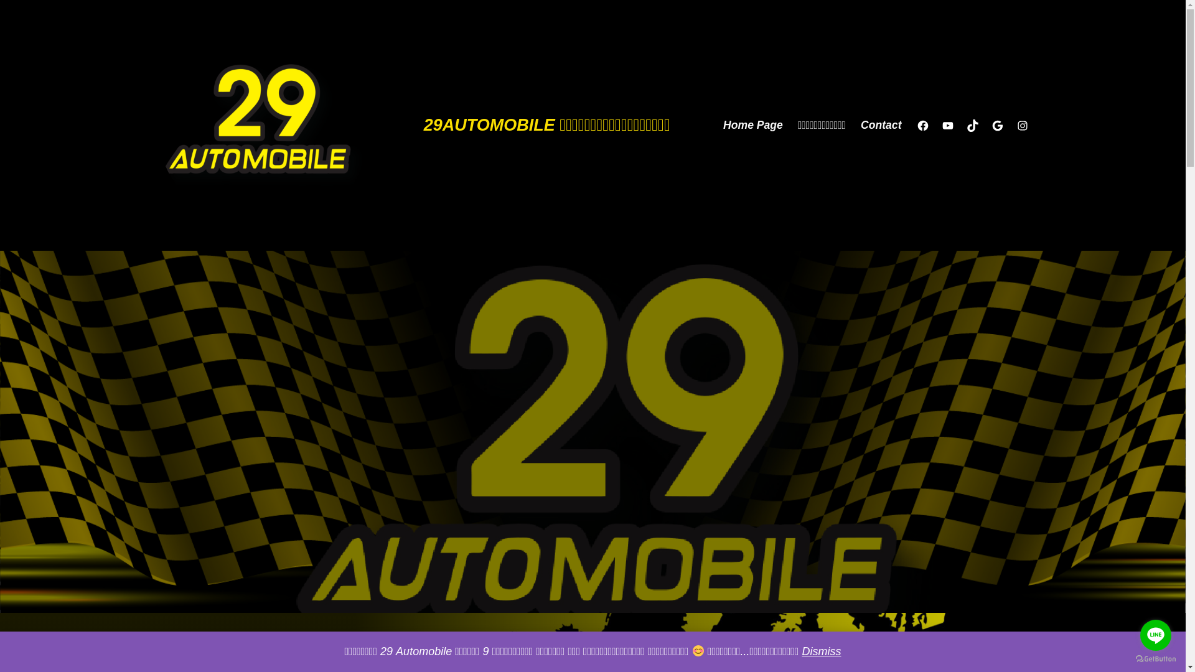 Image resolution: width=1195 pixels, height=672 pixels. Describe the element at coordinates (946, 125) in the screenshot. I see `'YouTube'` at that location.